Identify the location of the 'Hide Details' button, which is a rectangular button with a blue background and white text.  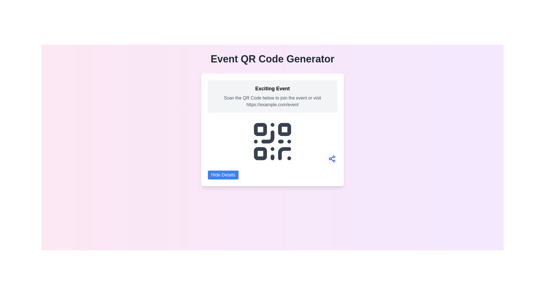
(223, 175).